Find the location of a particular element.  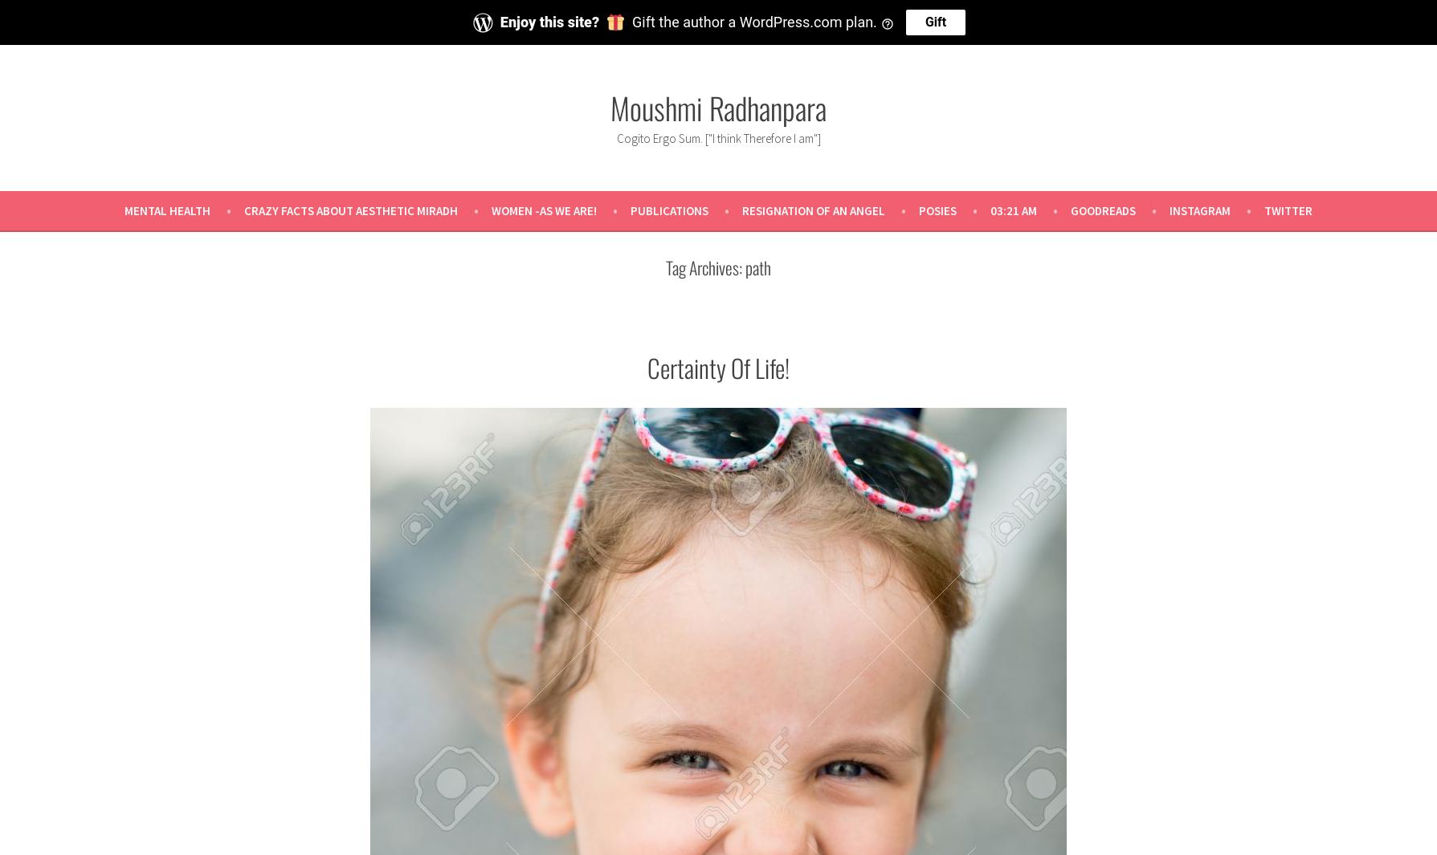

'Goodreads' is located at coordinates (1103, 209).